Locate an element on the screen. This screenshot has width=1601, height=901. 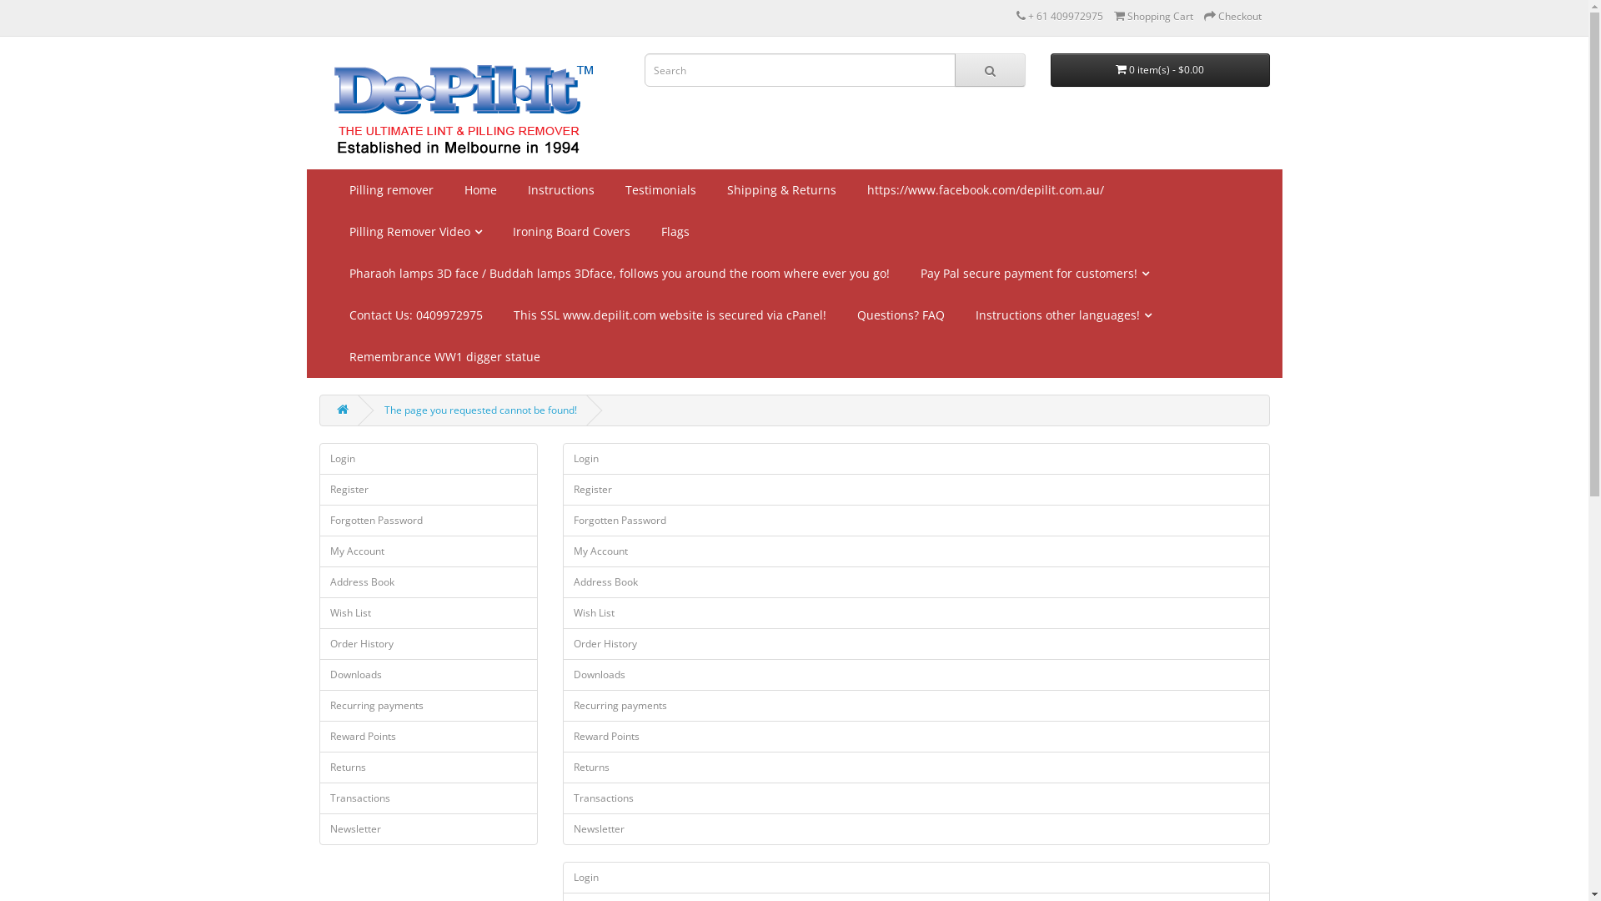
'https://www.facebook.com/depilit.com.au/' is located at coordinates (982, 189).